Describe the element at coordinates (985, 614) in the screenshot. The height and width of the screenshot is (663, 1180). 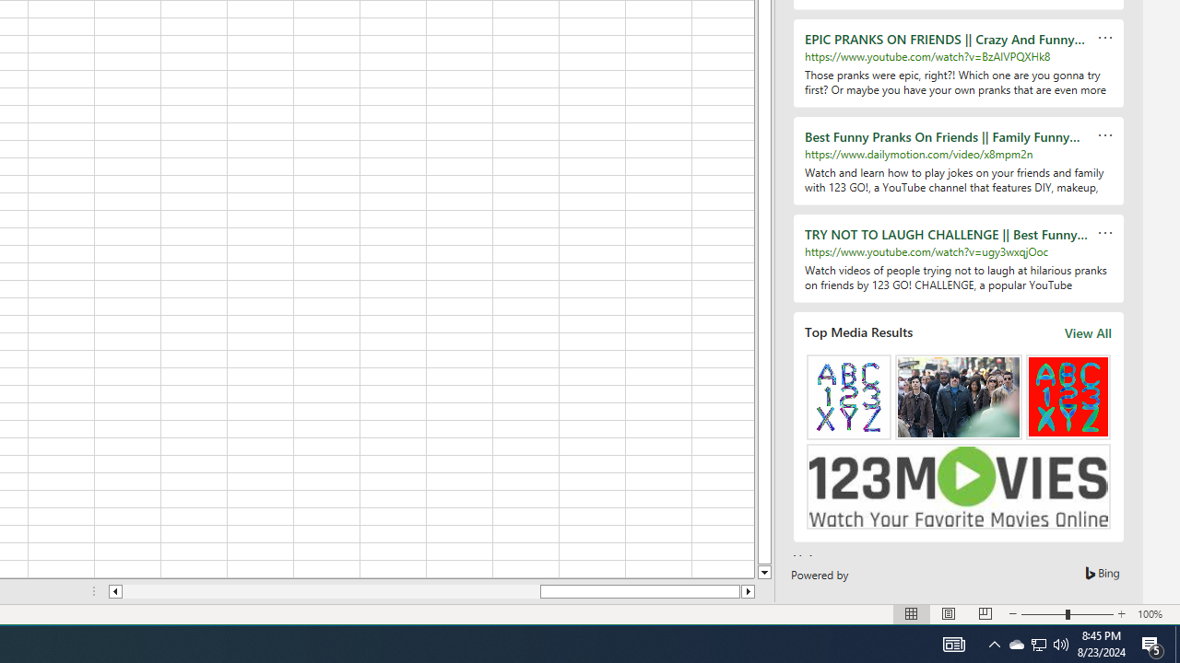
I see `'Page Break Preview'` at that location.